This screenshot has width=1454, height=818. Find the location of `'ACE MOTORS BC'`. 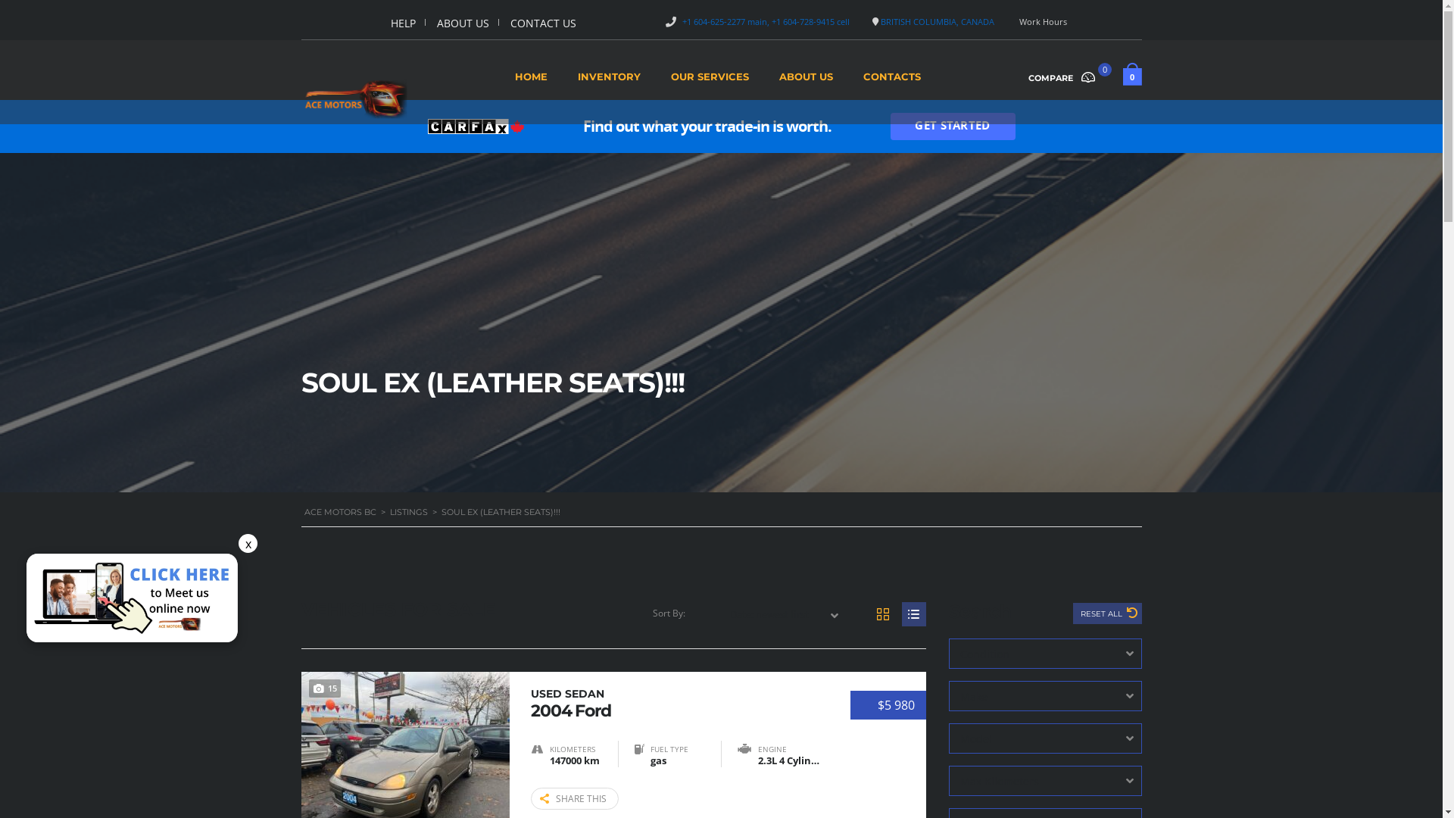

'ACE MOTORS BC' is located at coordinates (339, 511).